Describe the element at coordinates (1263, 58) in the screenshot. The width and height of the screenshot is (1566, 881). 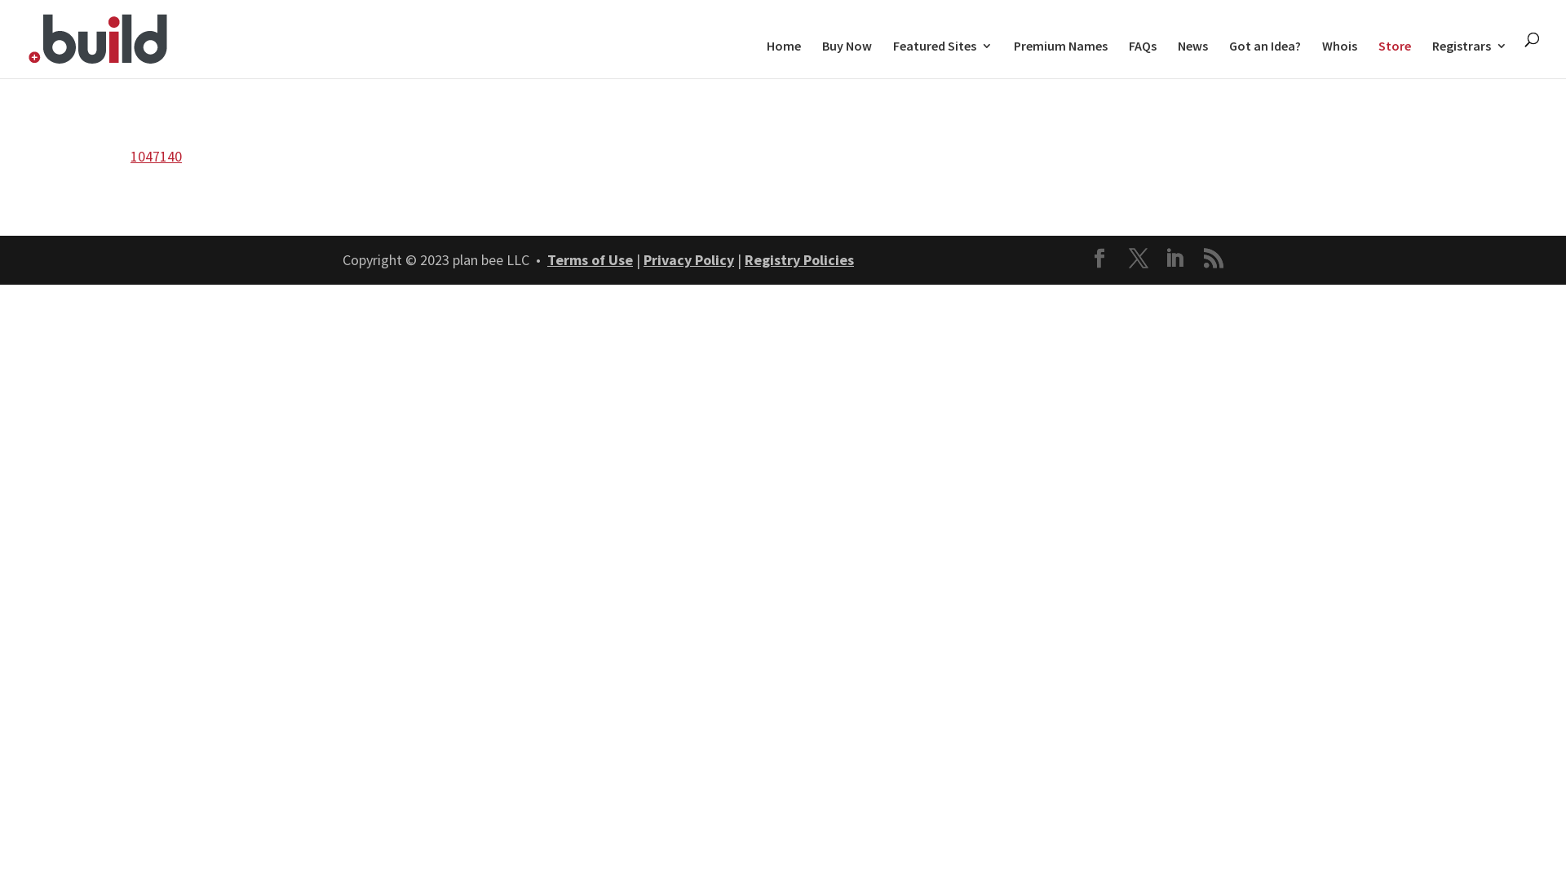
I see `'Got an Idea?'` at that location.